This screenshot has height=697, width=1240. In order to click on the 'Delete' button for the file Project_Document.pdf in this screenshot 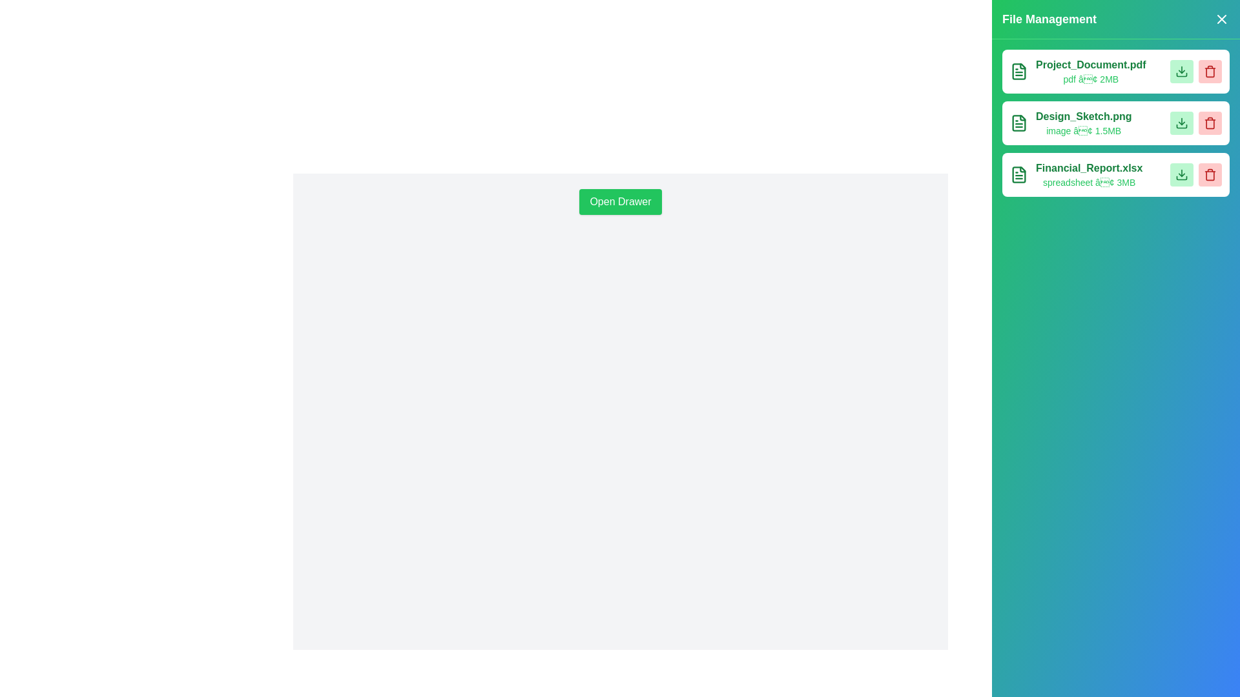, I will do `click(1209, 72)`.